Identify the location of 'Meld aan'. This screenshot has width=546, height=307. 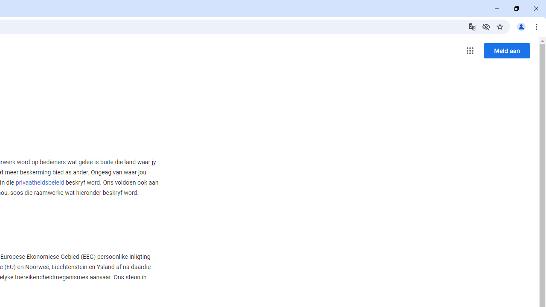
(507, 50).